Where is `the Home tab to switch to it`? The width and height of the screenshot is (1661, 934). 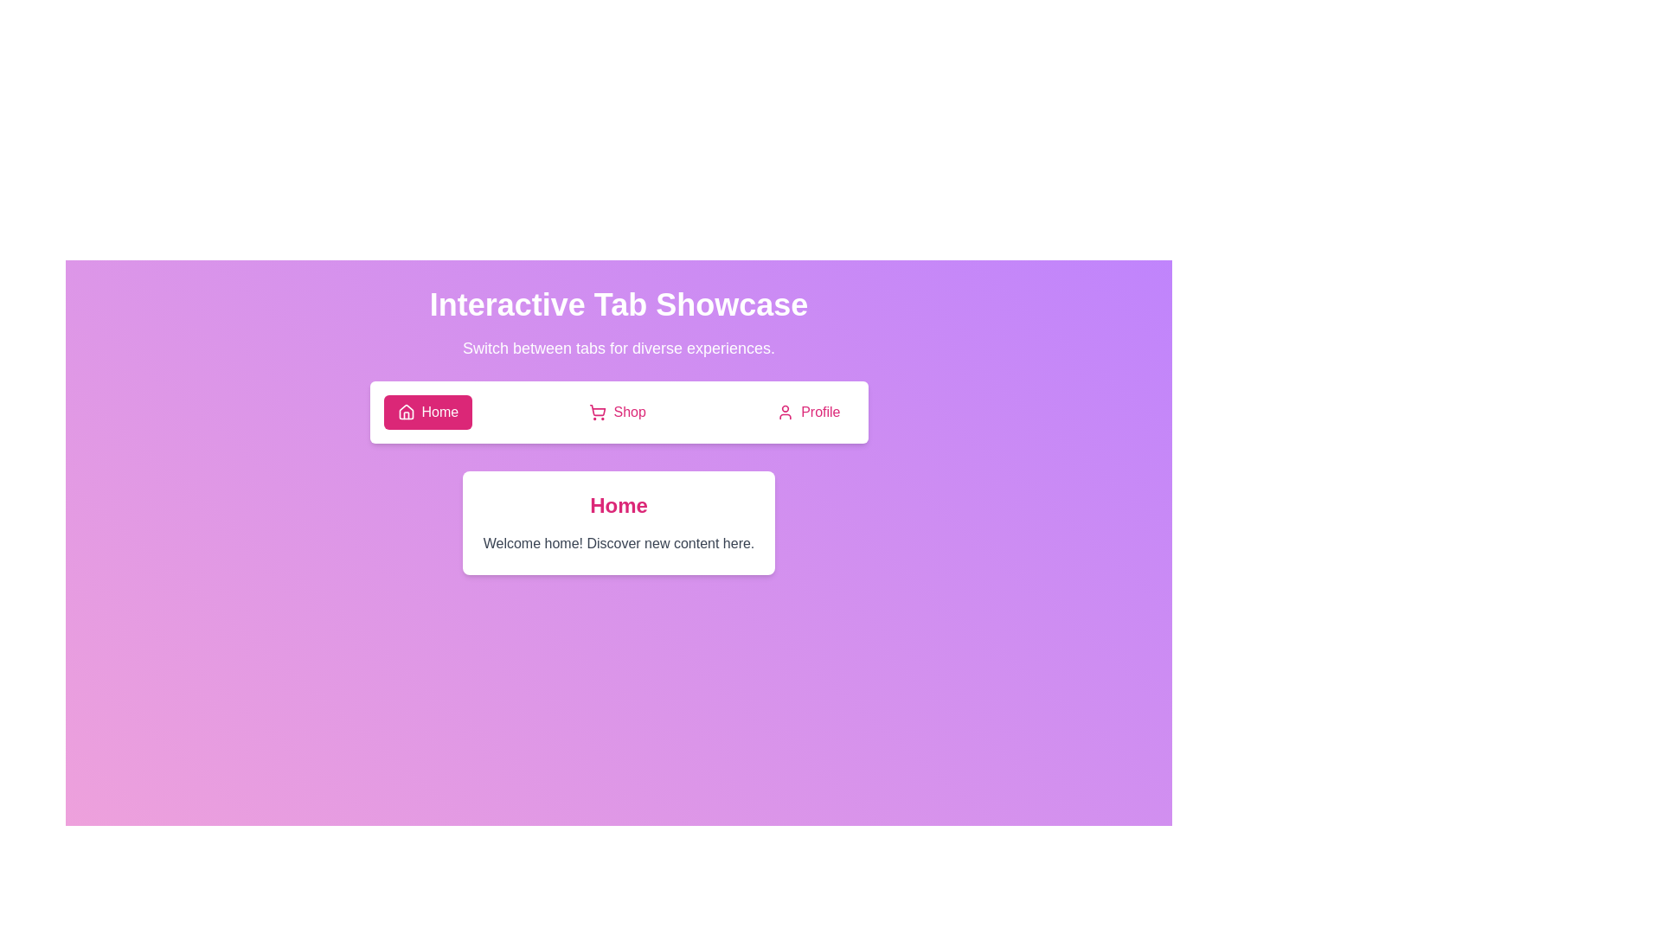
the Home tab to switch to it is located at coordinates (427, 413).